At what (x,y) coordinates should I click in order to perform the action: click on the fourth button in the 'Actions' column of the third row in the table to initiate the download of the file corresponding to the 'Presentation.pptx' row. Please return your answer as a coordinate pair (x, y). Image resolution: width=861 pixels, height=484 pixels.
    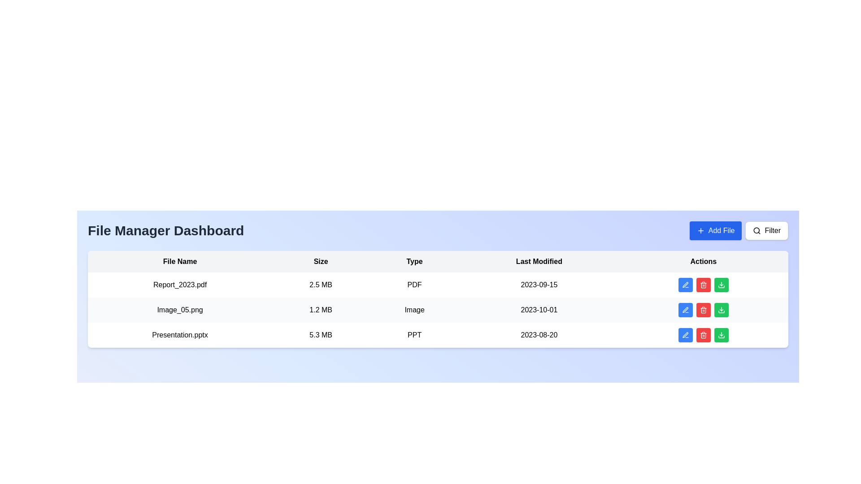
    Looking at the image, I should click on (721, 335).